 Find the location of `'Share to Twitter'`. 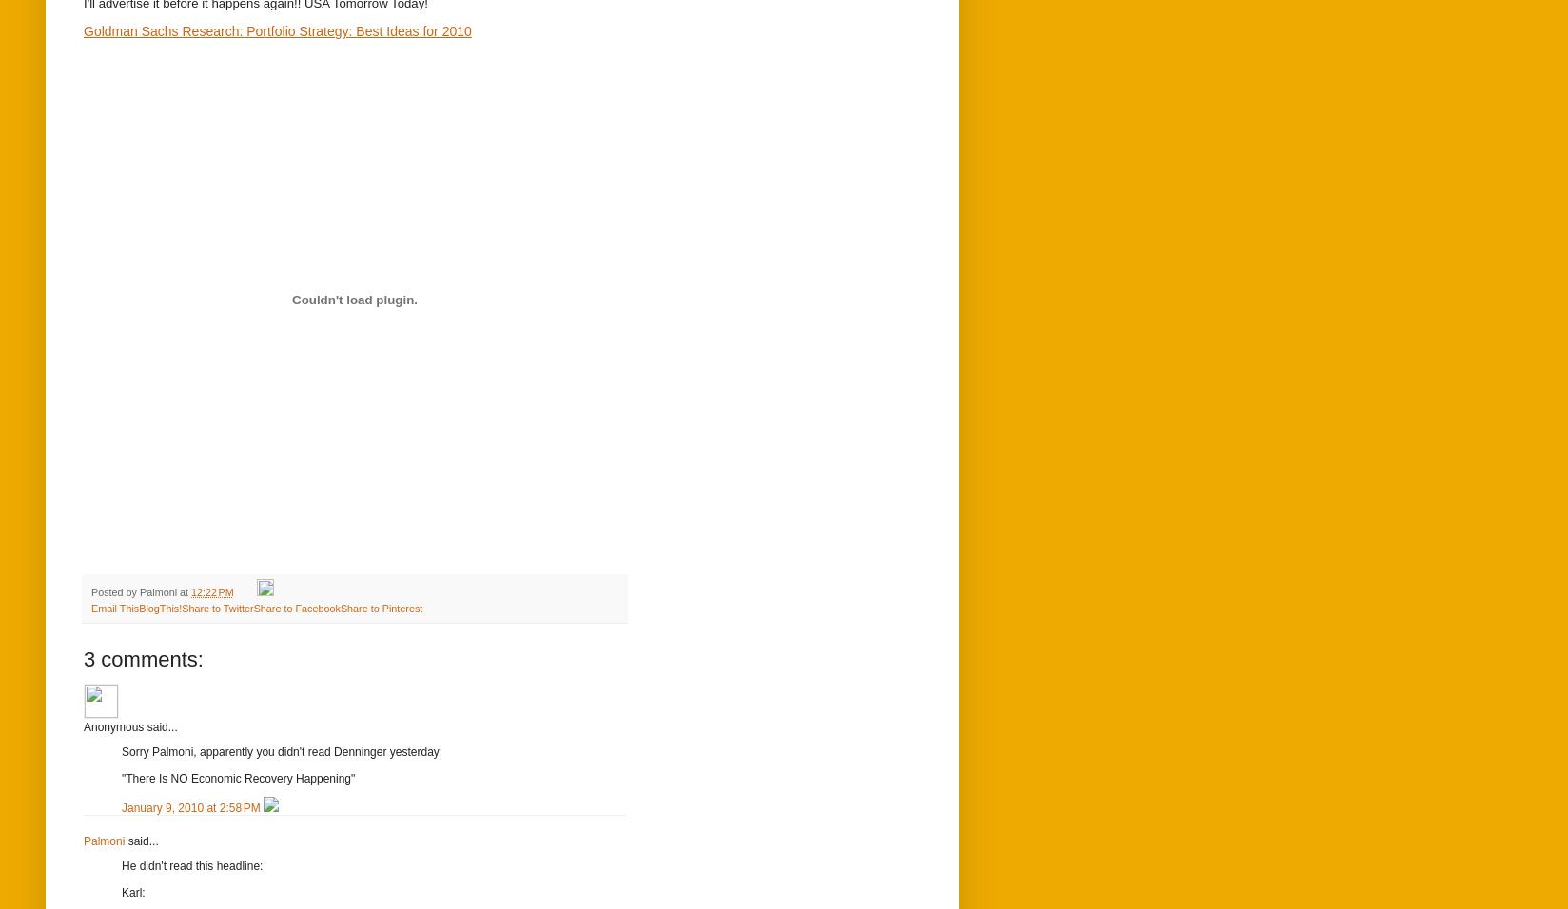

'Share to Twitter' is located at coordinates (182, 609).